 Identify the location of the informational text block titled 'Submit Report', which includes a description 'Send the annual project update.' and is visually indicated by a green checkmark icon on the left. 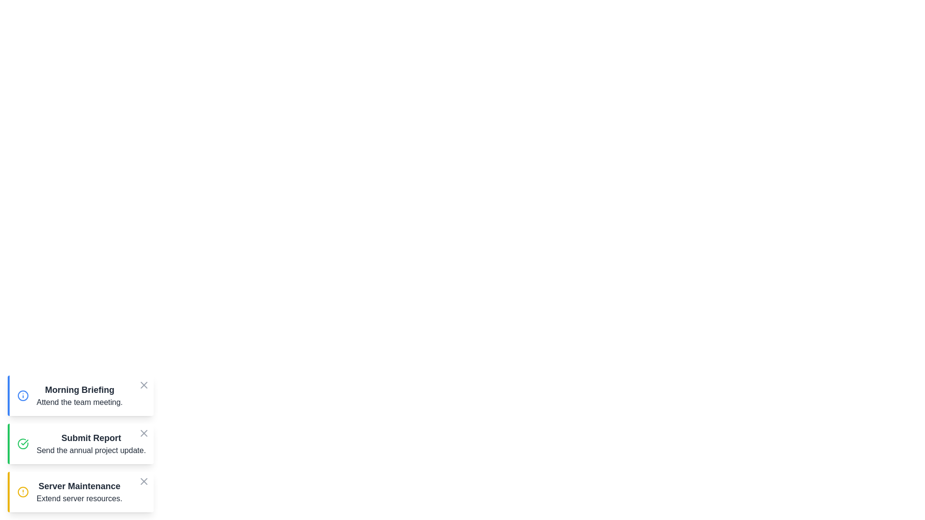
(81, 443).